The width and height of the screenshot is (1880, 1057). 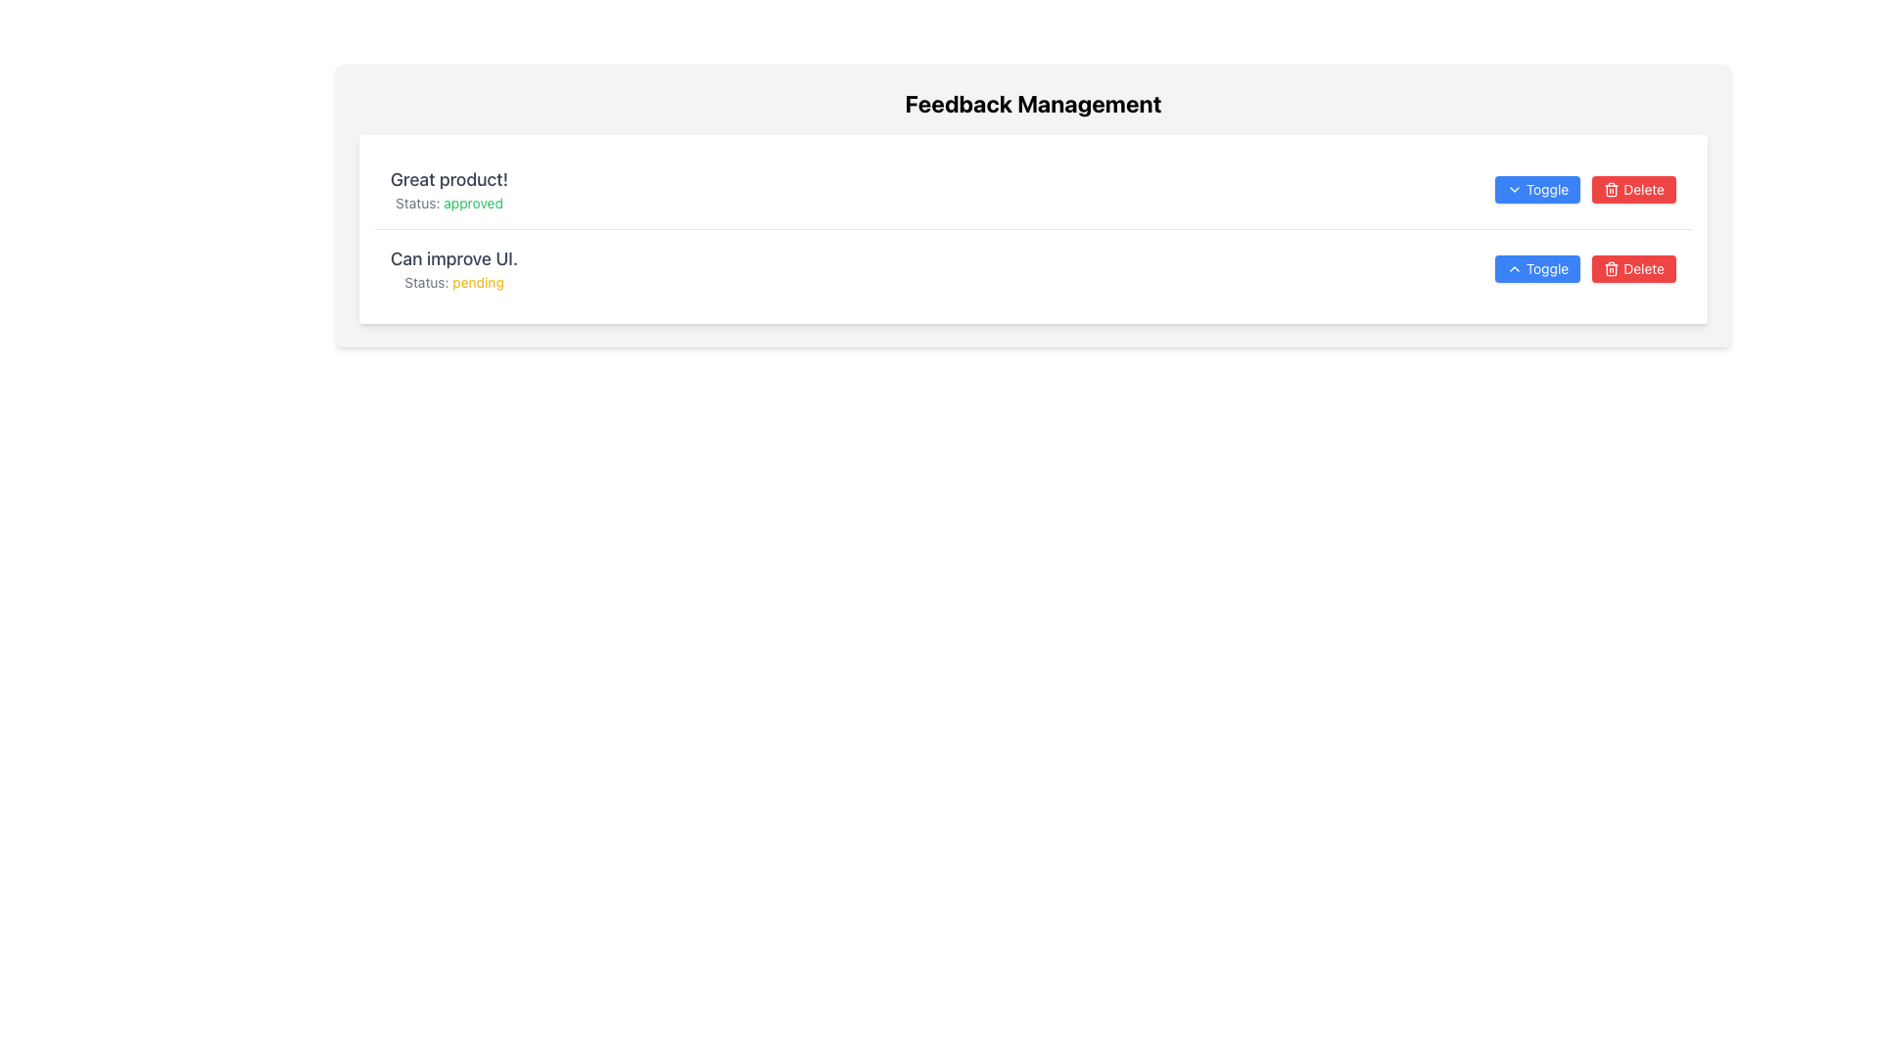 What do you see at coordinates (1634, 189) in the screenshot?
I see `the delete button located in the rightmost position of the button arrangement under the feedback entry, to trigger the hover effect` at bounding box center [1634, 189].